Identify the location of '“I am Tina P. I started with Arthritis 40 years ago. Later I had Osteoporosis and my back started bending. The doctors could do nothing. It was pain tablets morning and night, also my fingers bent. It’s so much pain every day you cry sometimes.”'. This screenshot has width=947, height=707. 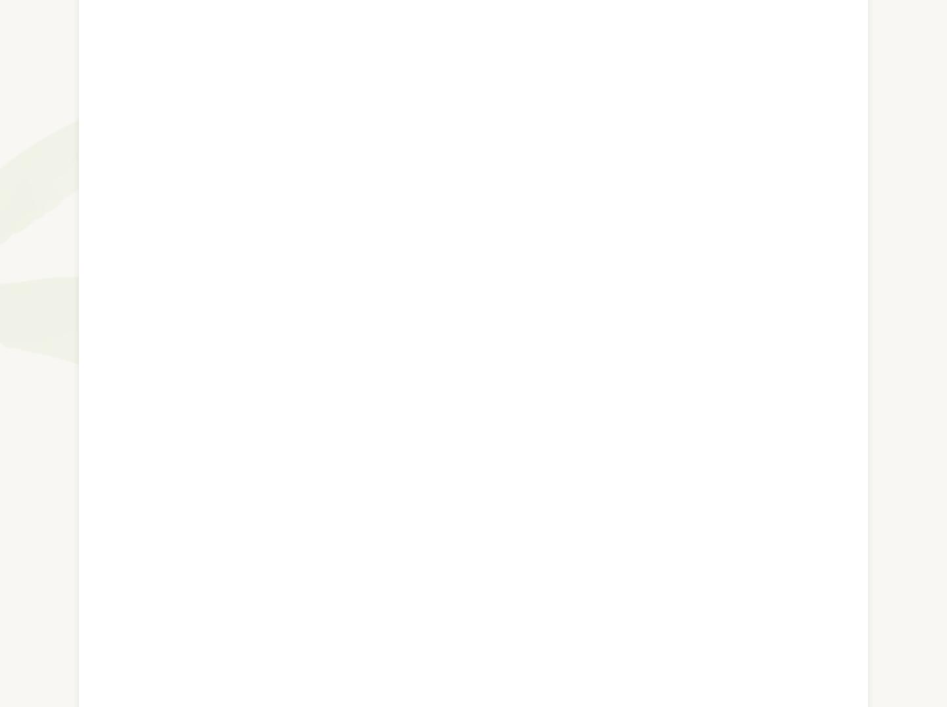
(463, 402).